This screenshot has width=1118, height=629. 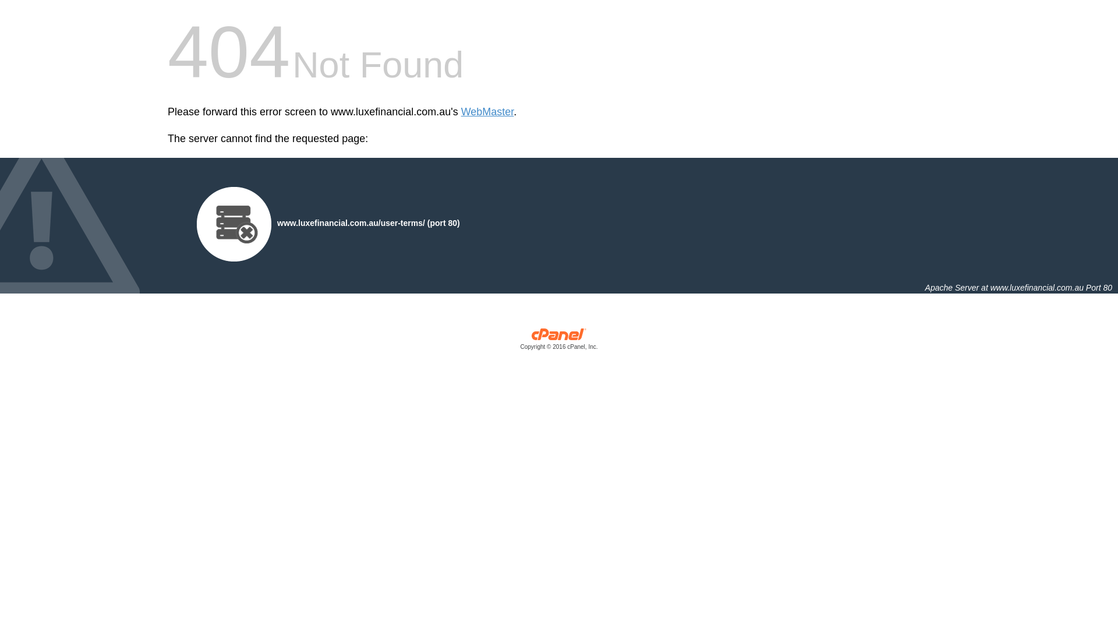 I want to click on 'WebMaster', so click(x=487, y=112).